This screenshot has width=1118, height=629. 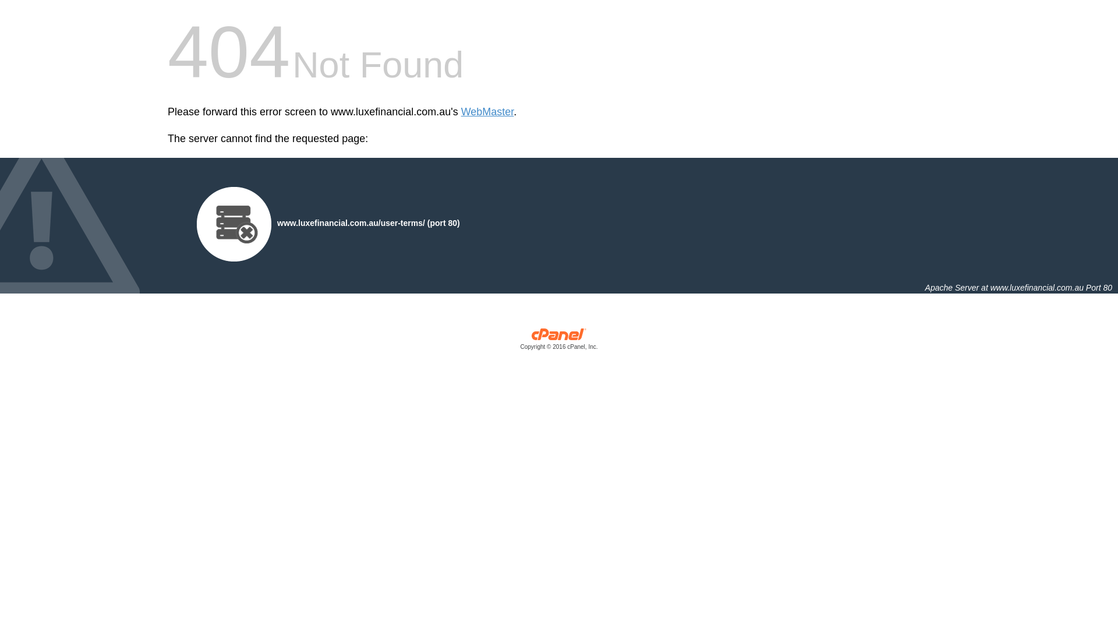 I want to click on 'WebMaster', so click(x=487, y=112).